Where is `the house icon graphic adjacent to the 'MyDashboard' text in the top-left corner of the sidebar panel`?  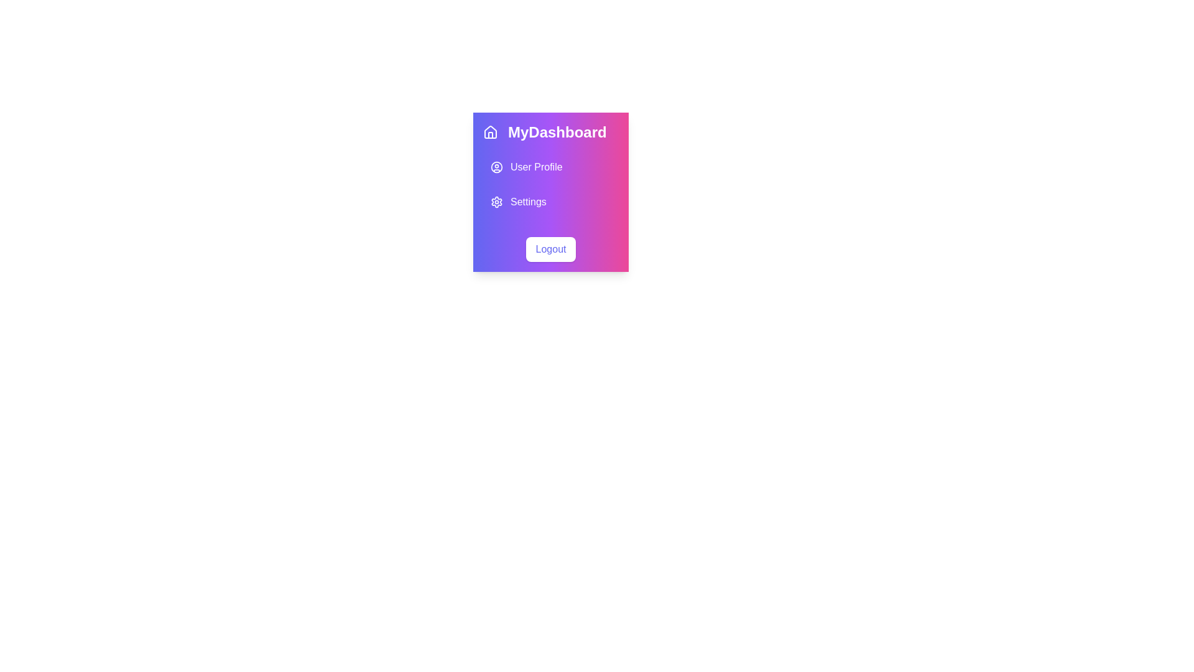
the house icon graphic adjacent to the 'MyDashboard' text in the top-left corner of the sidebar panel is located at coordinates (489, 132).